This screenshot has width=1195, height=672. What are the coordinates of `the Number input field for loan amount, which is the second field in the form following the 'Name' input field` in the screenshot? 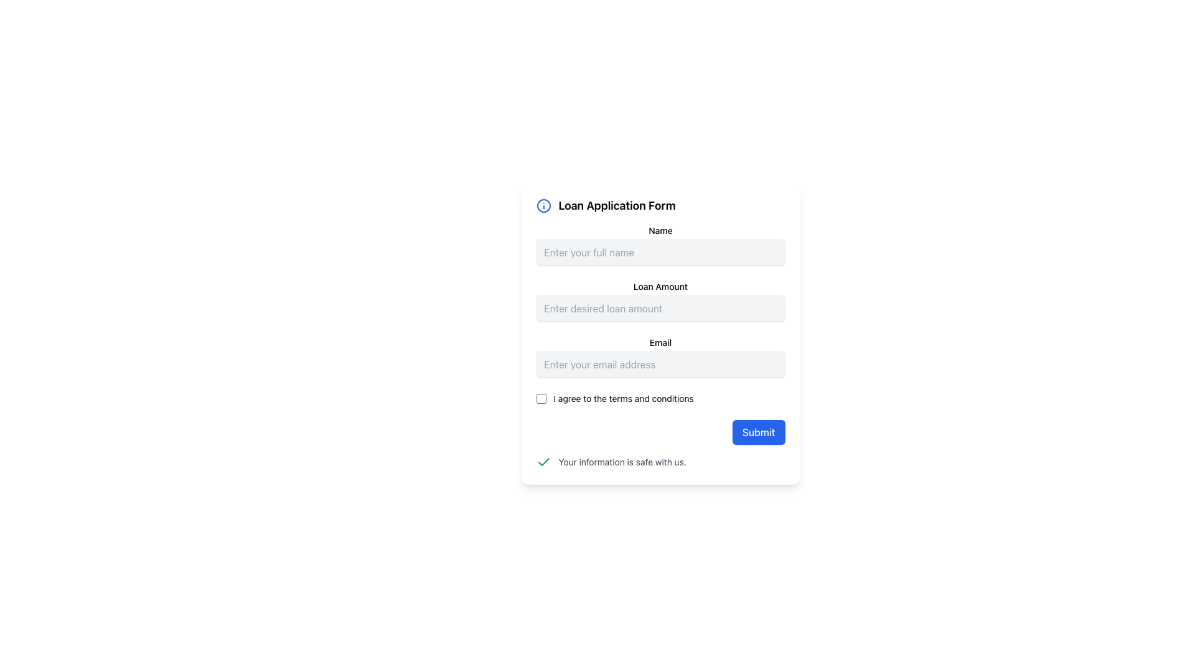 It's located at (660, 301).